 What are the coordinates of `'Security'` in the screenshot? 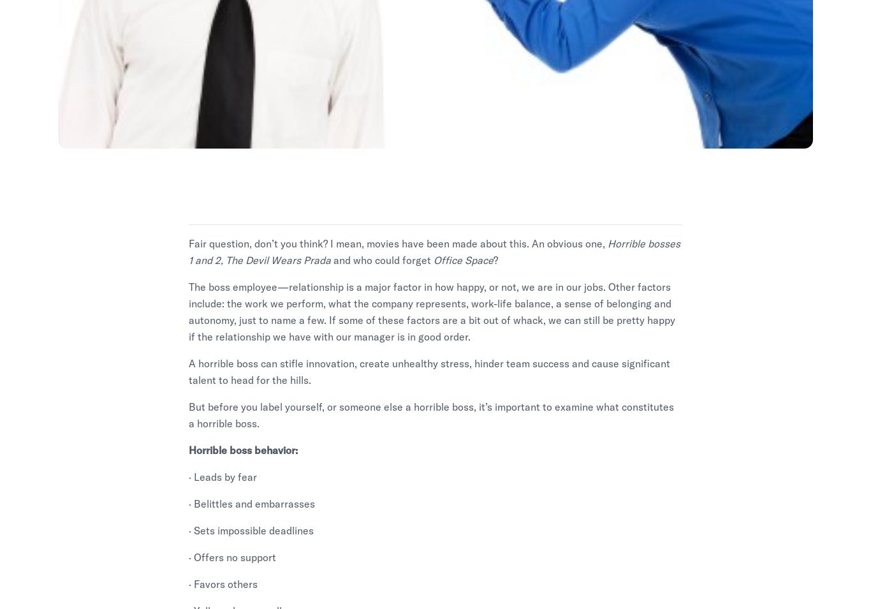 It's located at (721, 435).